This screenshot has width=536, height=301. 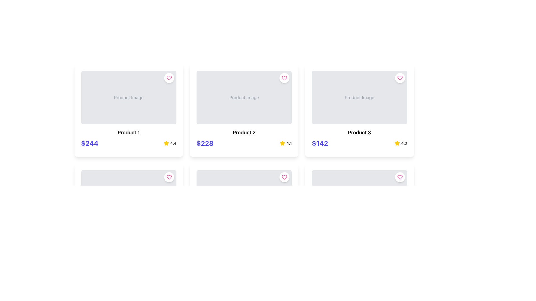 I want to click on the favorite button located in the top-right corner of the product card displaying 'Product Image', so click(x=284, y=177).